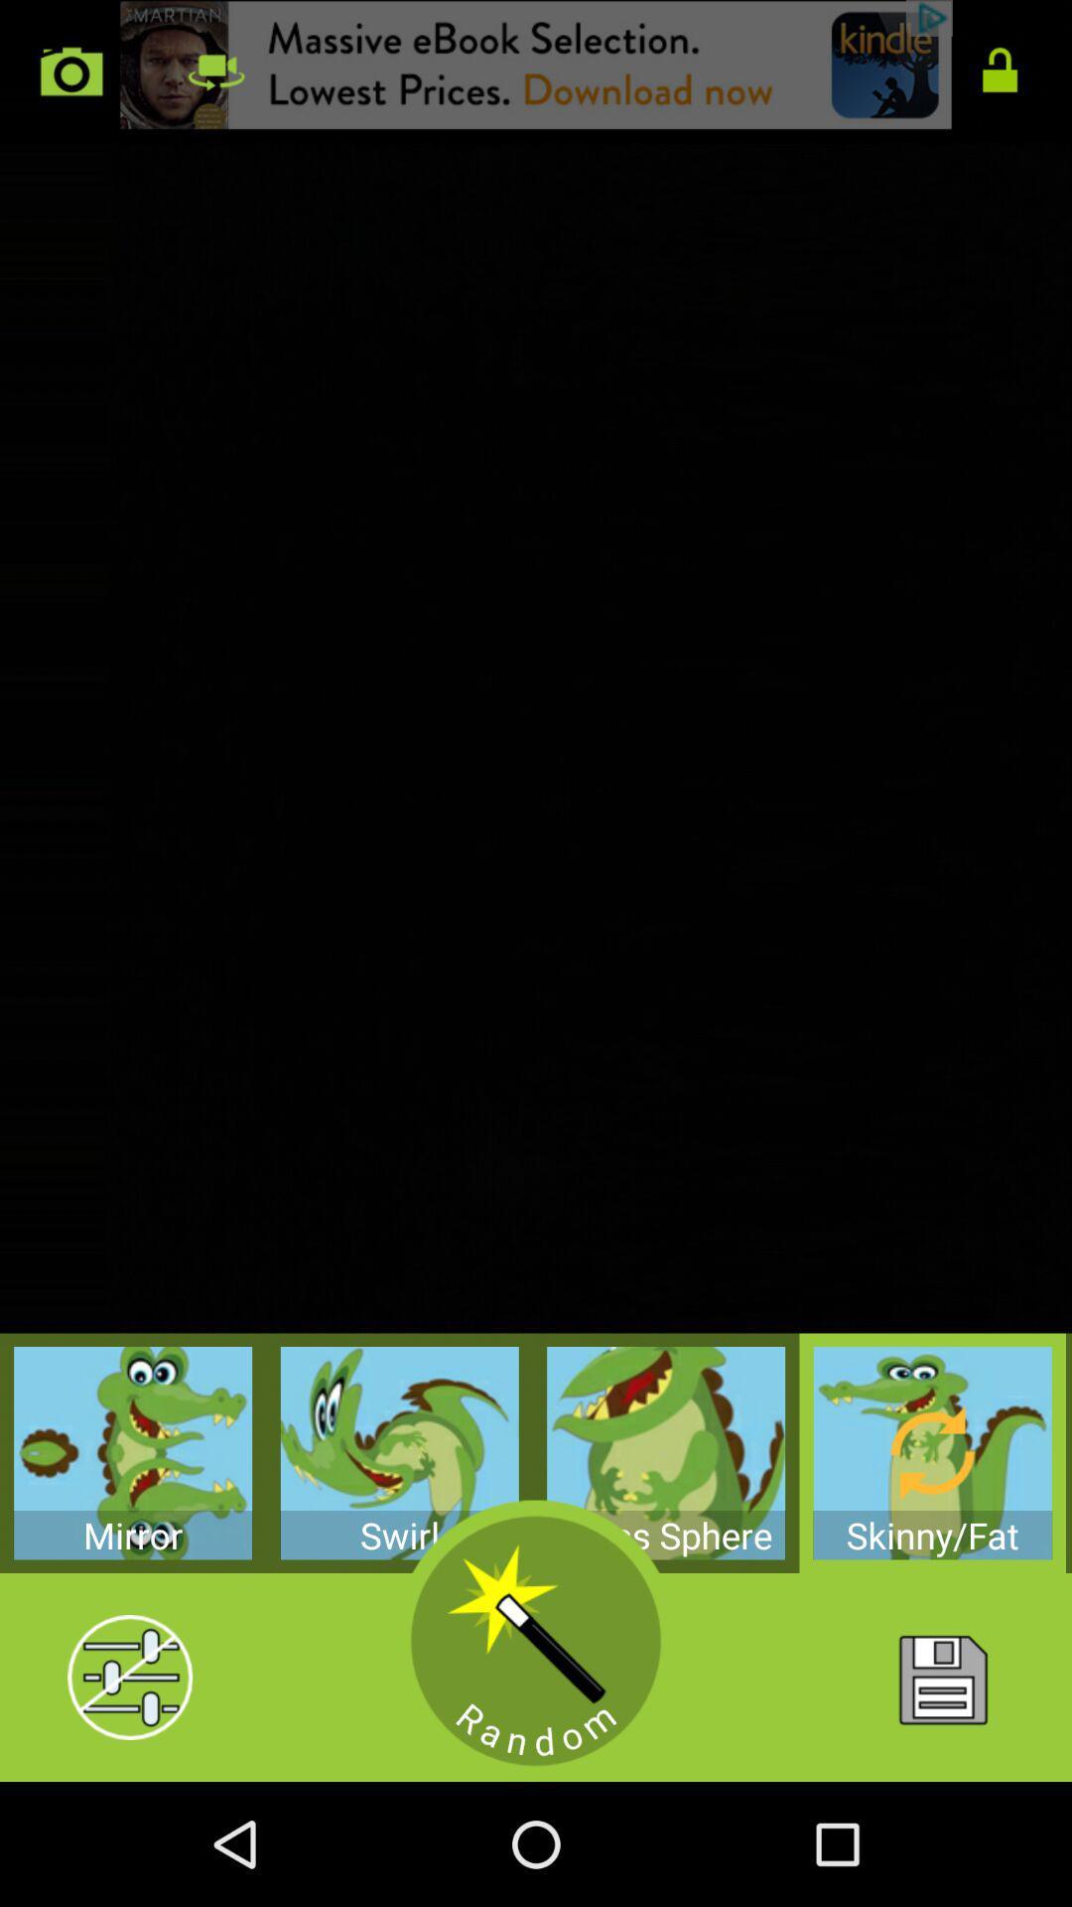 Image resolution: width=1072 pixels, height=1907 pixels. I want to click on the photo icon, so click(70, 76).